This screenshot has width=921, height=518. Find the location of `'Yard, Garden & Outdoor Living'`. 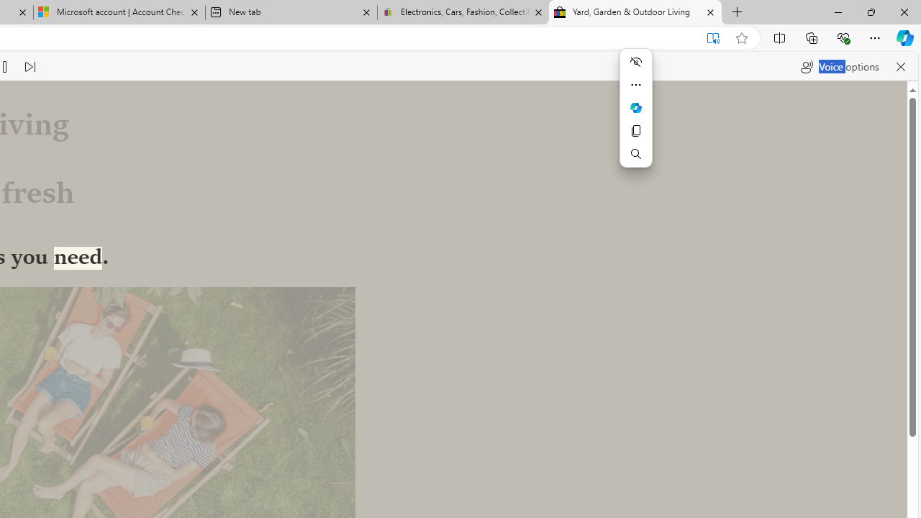

'Yard, Garden & Outdoor Living' is located at coordinates (635, 12).